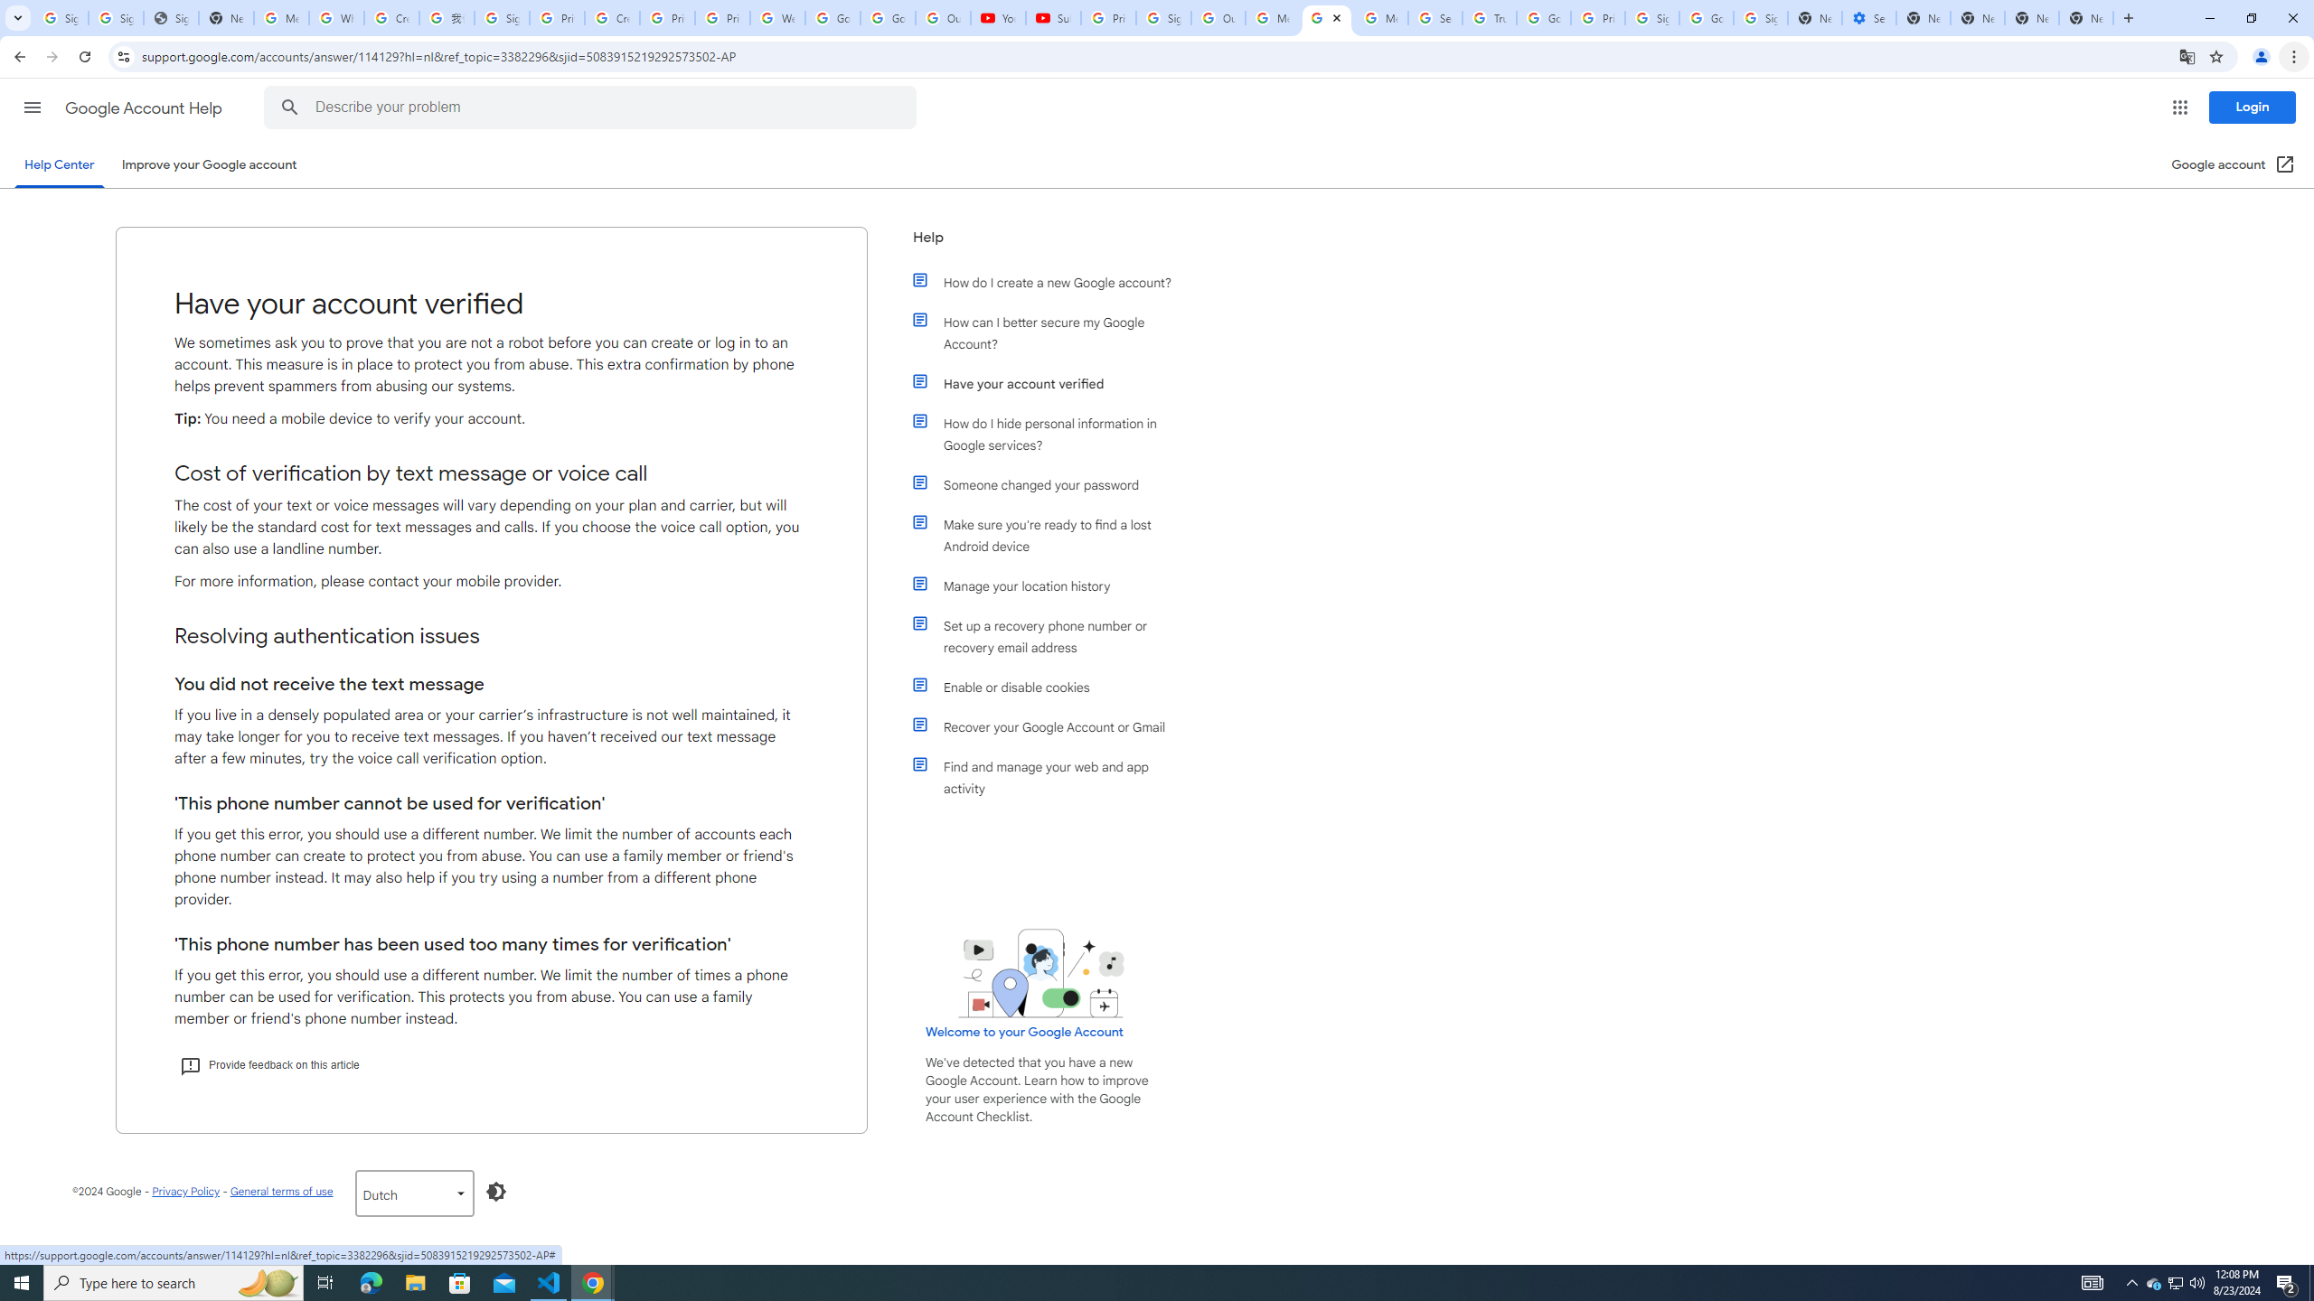 This screenshot has width=2314, height=1301. Describe the element at coordinates (1706, 17) in the screenshot. I see `'Google Cybersecurity Innovations - Google Safety Center'` at that location.